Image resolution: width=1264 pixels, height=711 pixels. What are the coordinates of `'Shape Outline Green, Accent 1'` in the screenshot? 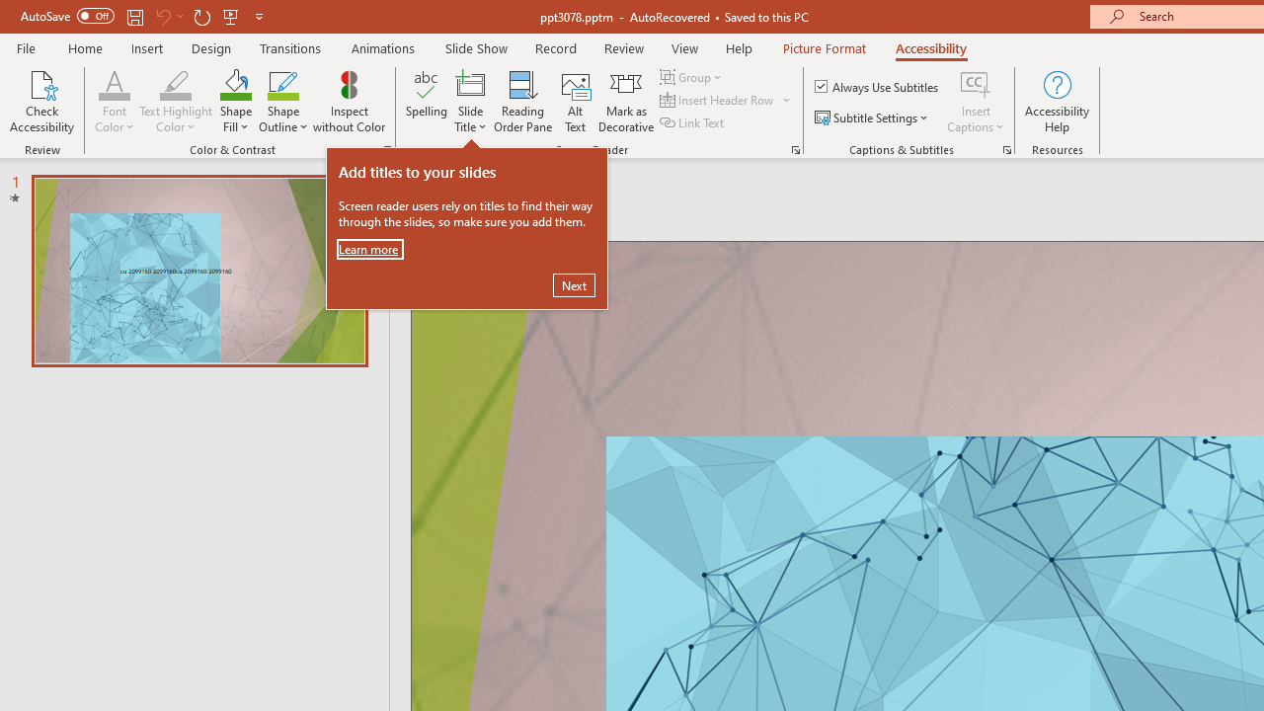 It's located at (282, 83).